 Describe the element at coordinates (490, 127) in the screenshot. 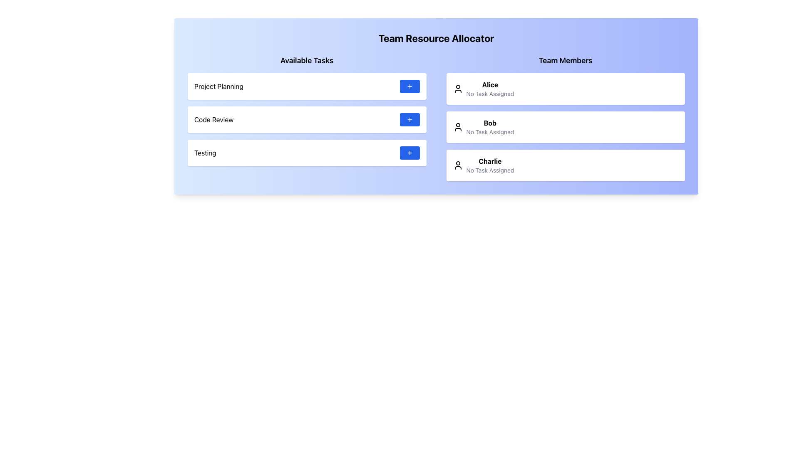

I see `text element displaying 'Bob' and their current task status 'No Task Assigned' in the 'Team Members' section` at that location.